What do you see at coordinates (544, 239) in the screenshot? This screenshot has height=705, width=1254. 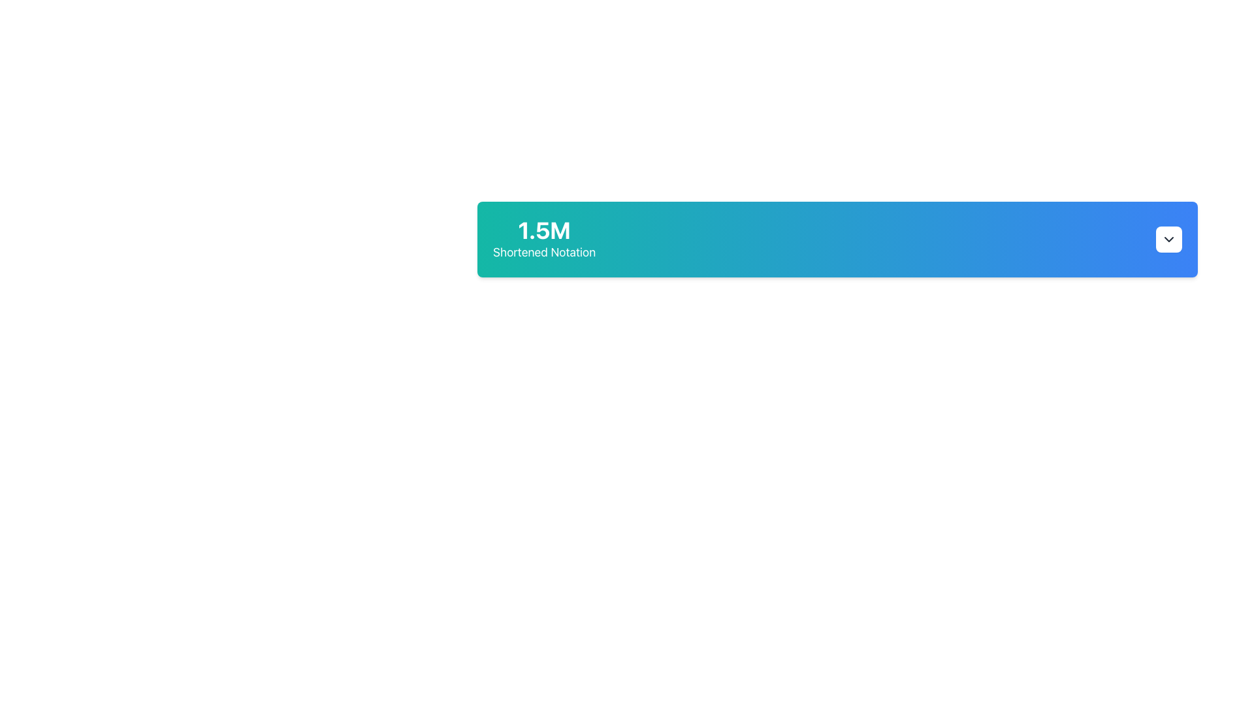 I see `the Text Display with Label that presents a numeric value and includes a descriptive label, located in the upper-left section of the interface` at bounding box center [544, 239].